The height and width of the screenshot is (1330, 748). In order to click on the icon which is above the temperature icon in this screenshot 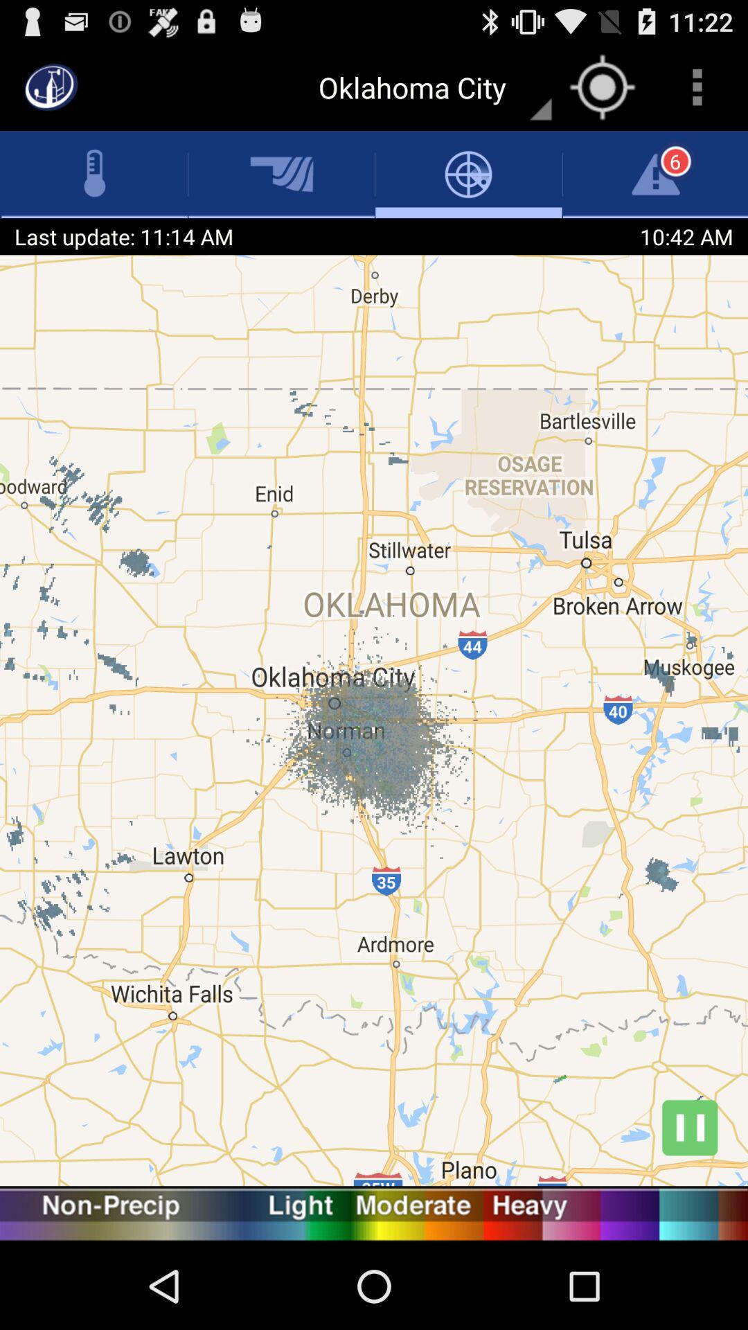, I will do `click(50, 86)`.